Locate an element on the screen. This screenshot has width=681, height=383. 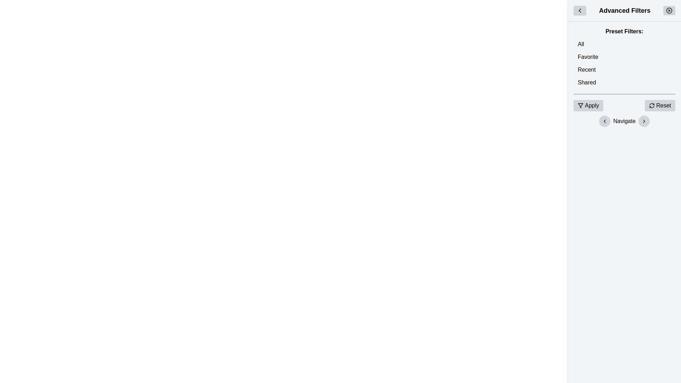
the header text 'Preset Filters:' which is styled in bold and located at the top of the vertical menu layout is located at coordinates (624, 31).